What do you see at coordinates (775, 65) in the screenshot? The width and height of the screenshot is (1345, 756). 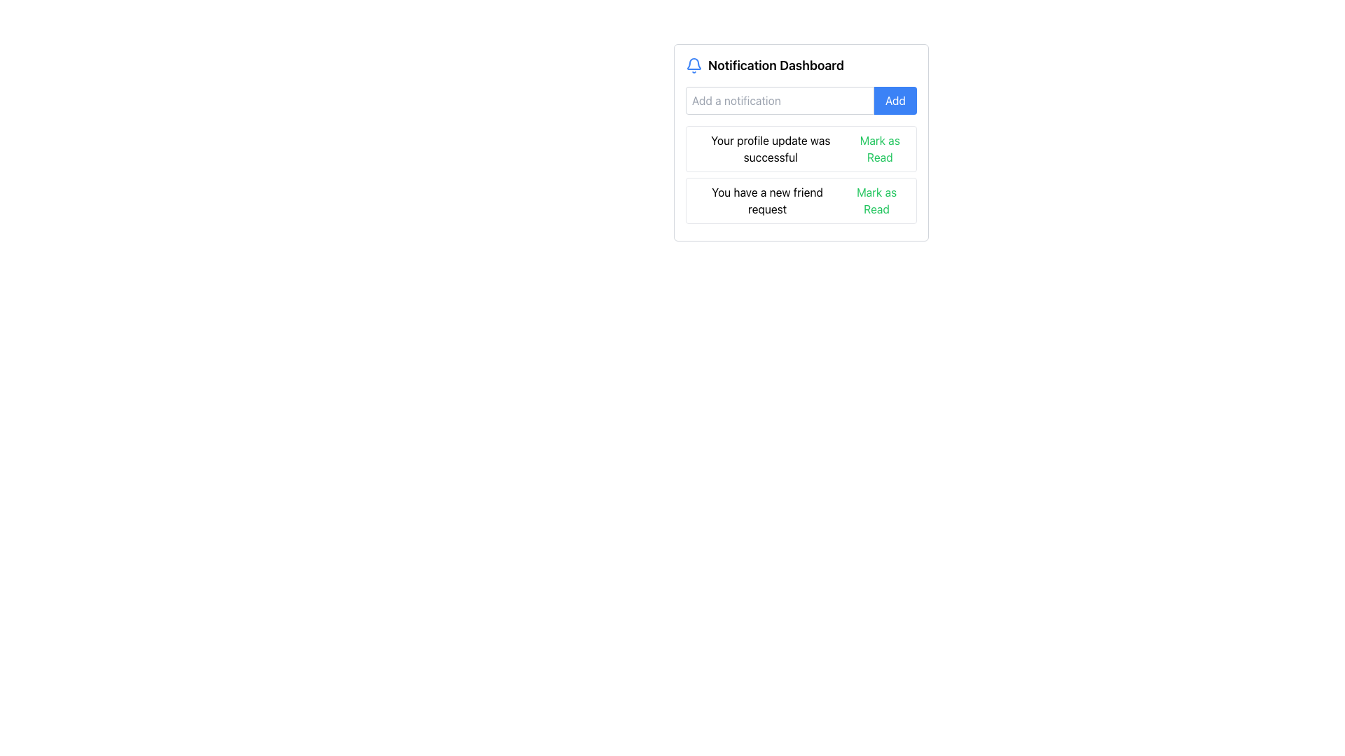 I see `the heading text element that serves as the title for the notification section, positioned centrally at the top of the interface` at bounding box center [775, 65].